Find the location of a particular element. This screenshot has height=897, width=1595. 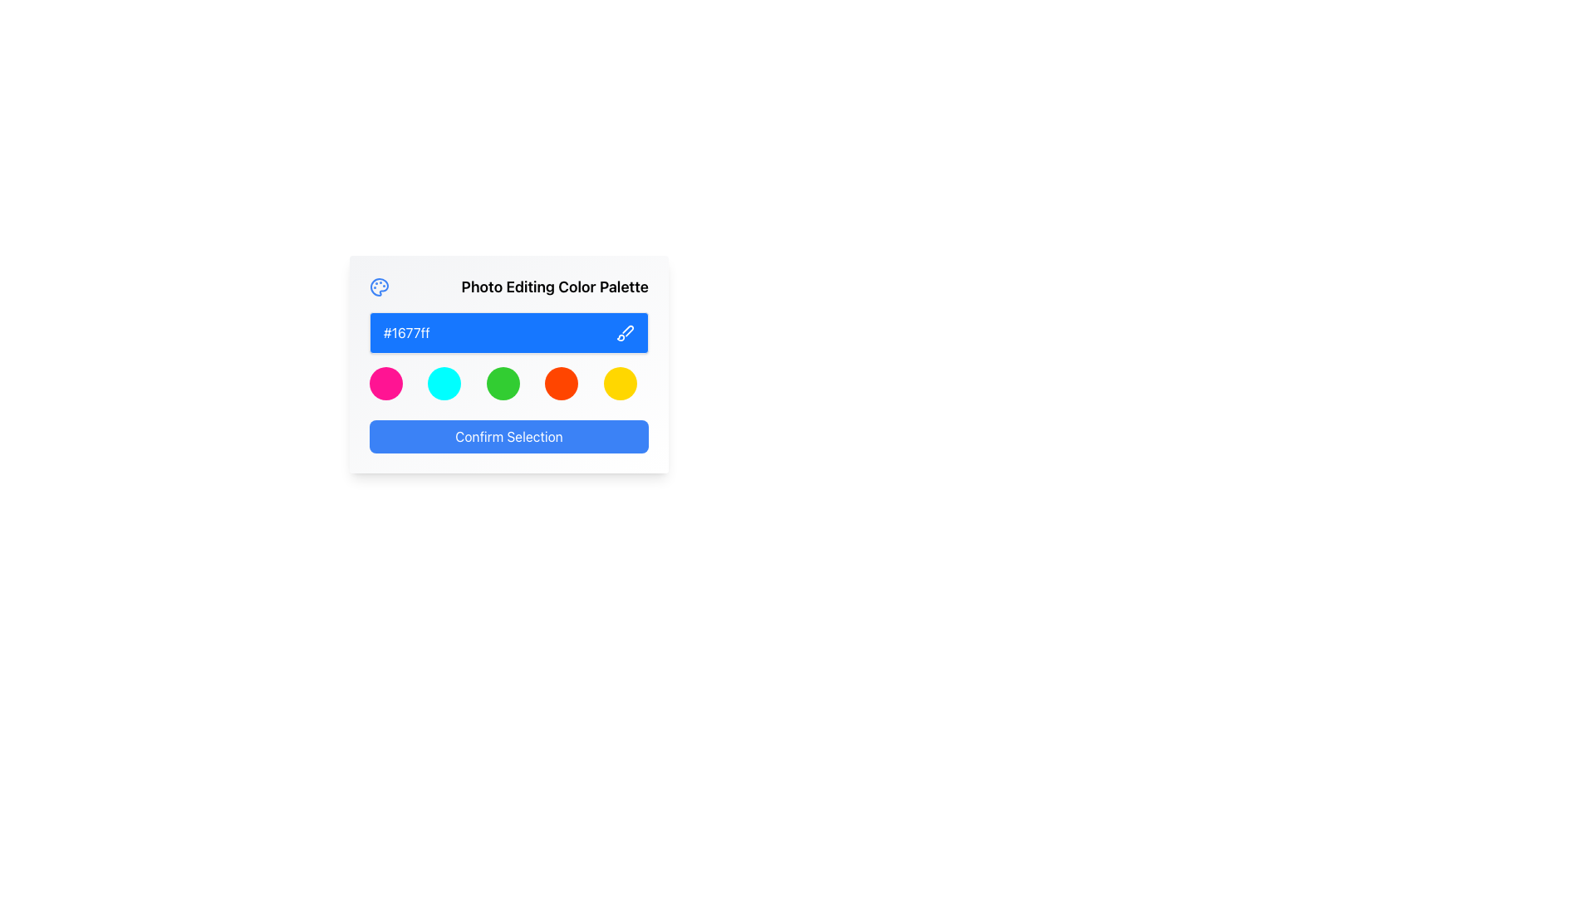

the fifth circle in a row of five colored circles is located at coordinates (619, 384).